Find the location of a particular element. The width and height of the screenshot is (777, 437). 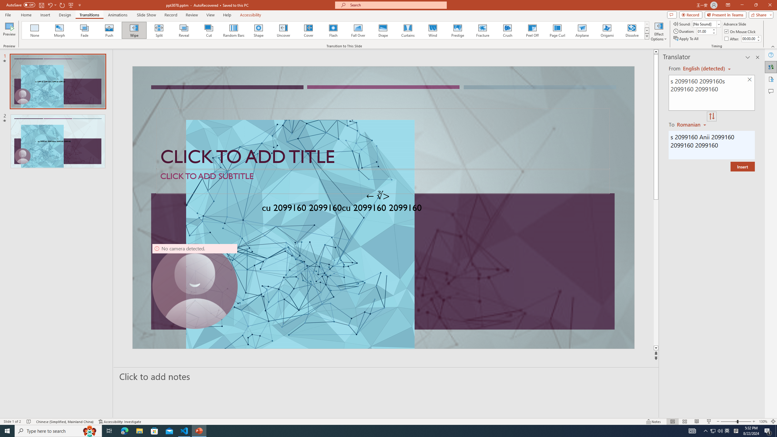

'Fall Over' is located at coordinates (358, 30).